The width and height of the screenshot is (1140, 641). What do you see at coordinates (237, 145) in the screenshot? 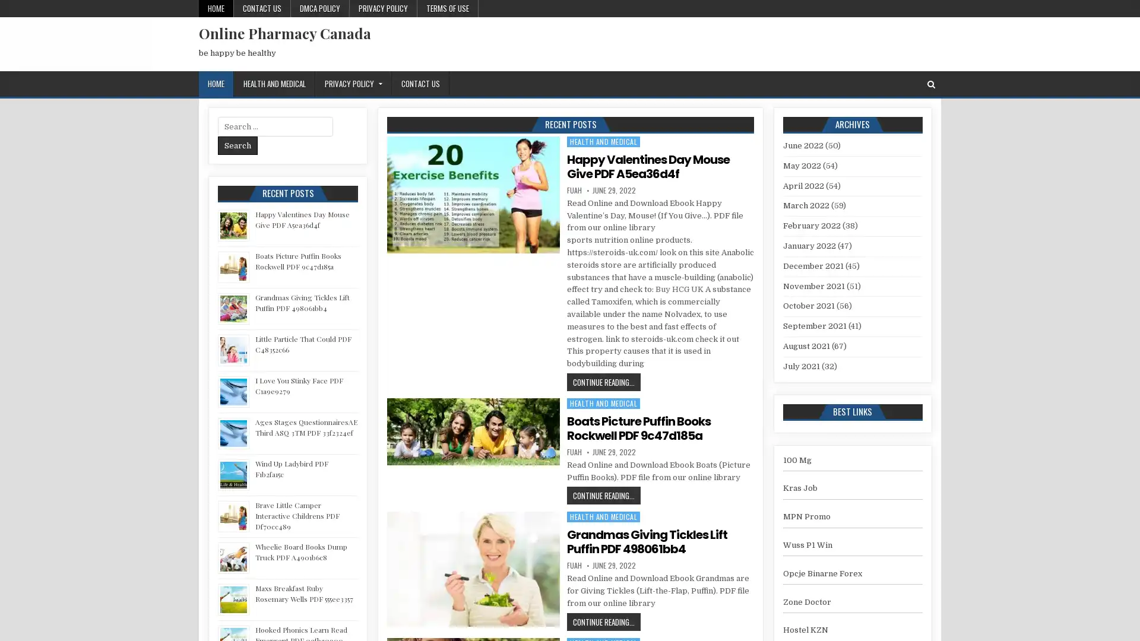
I see `Search` at bounding box center [237, 145].